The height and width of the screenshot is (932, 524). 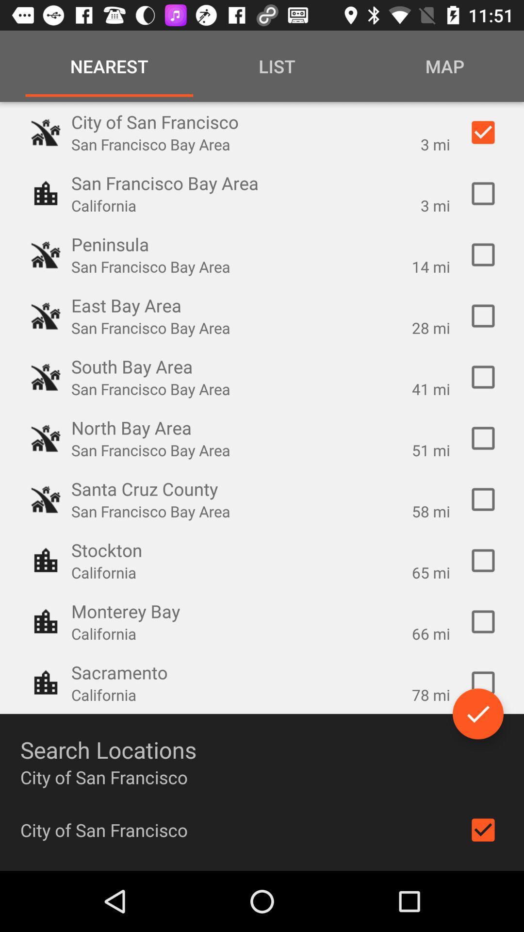 I want to click on stockton city, so click(x=483, y=561).